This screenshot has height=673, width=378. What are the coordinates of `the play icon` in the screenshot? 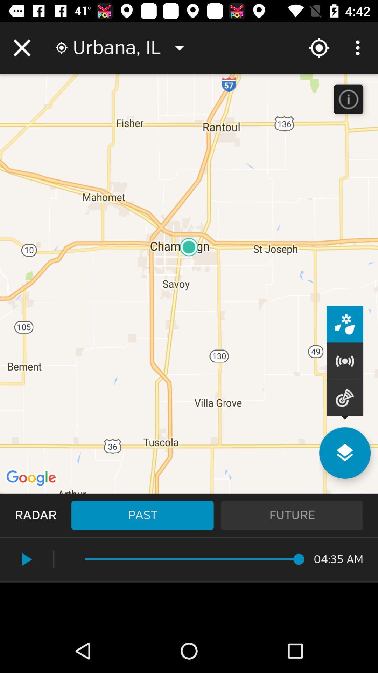 It's located at (25, 559).